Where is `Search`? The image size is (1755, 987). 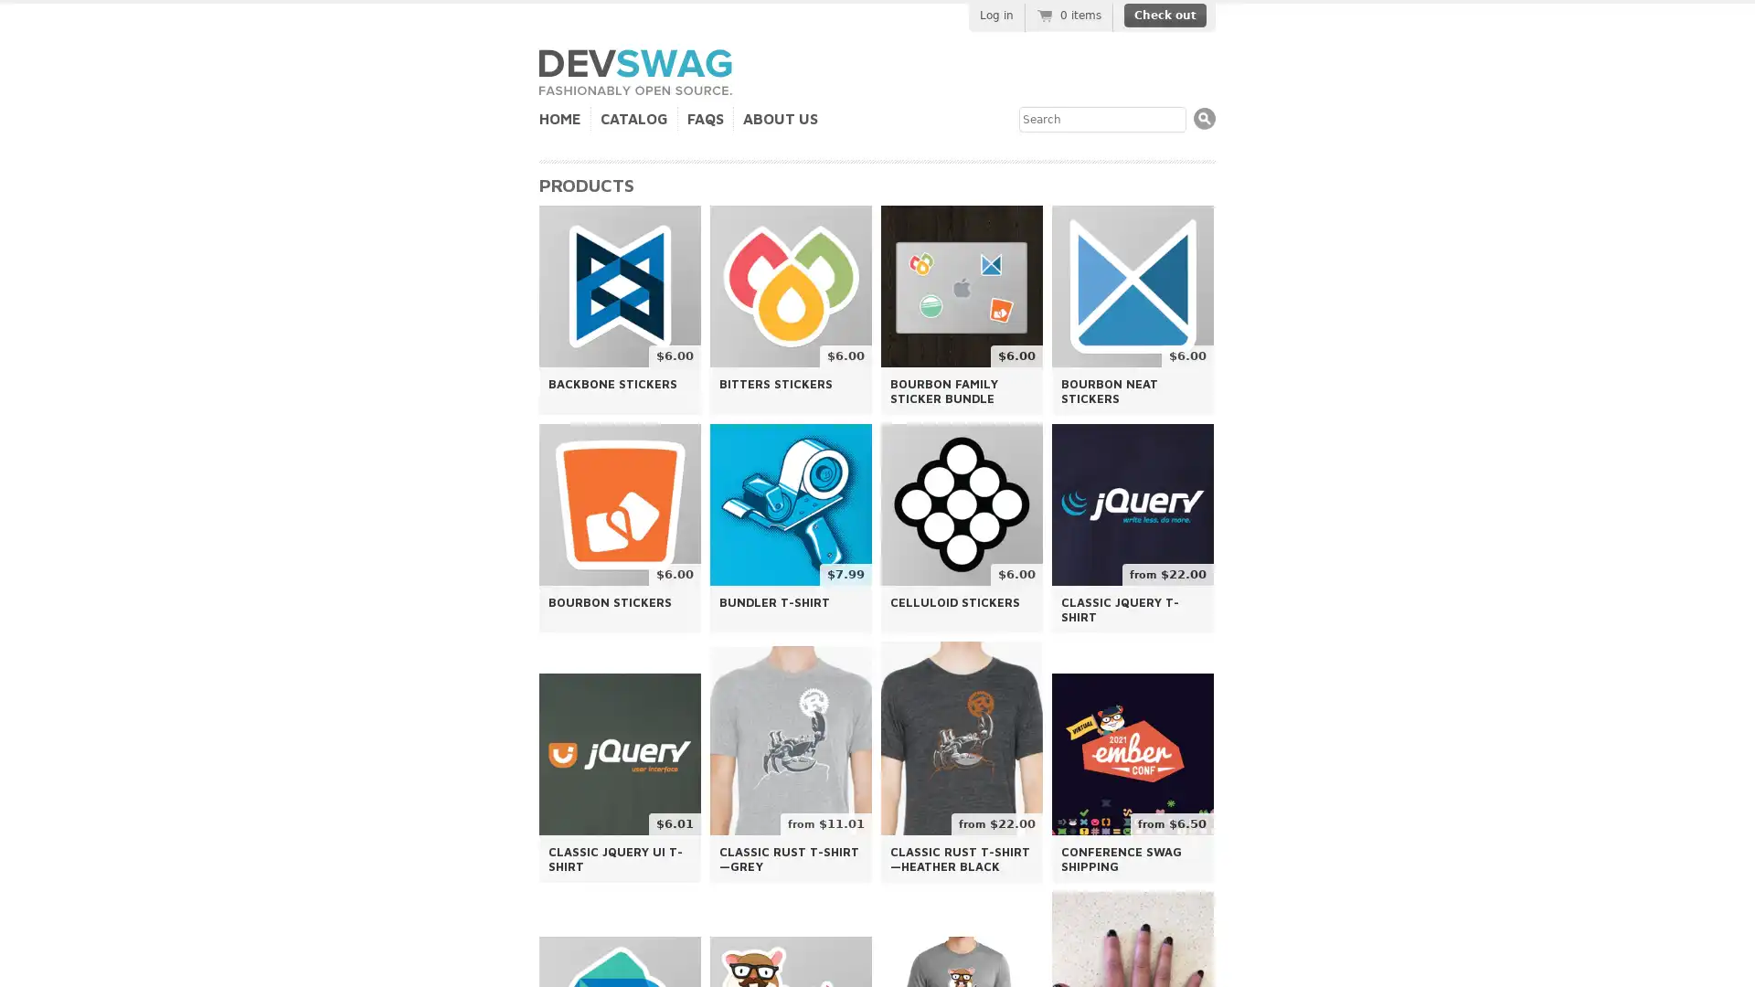
Search is located at coordinates (1205, 118).